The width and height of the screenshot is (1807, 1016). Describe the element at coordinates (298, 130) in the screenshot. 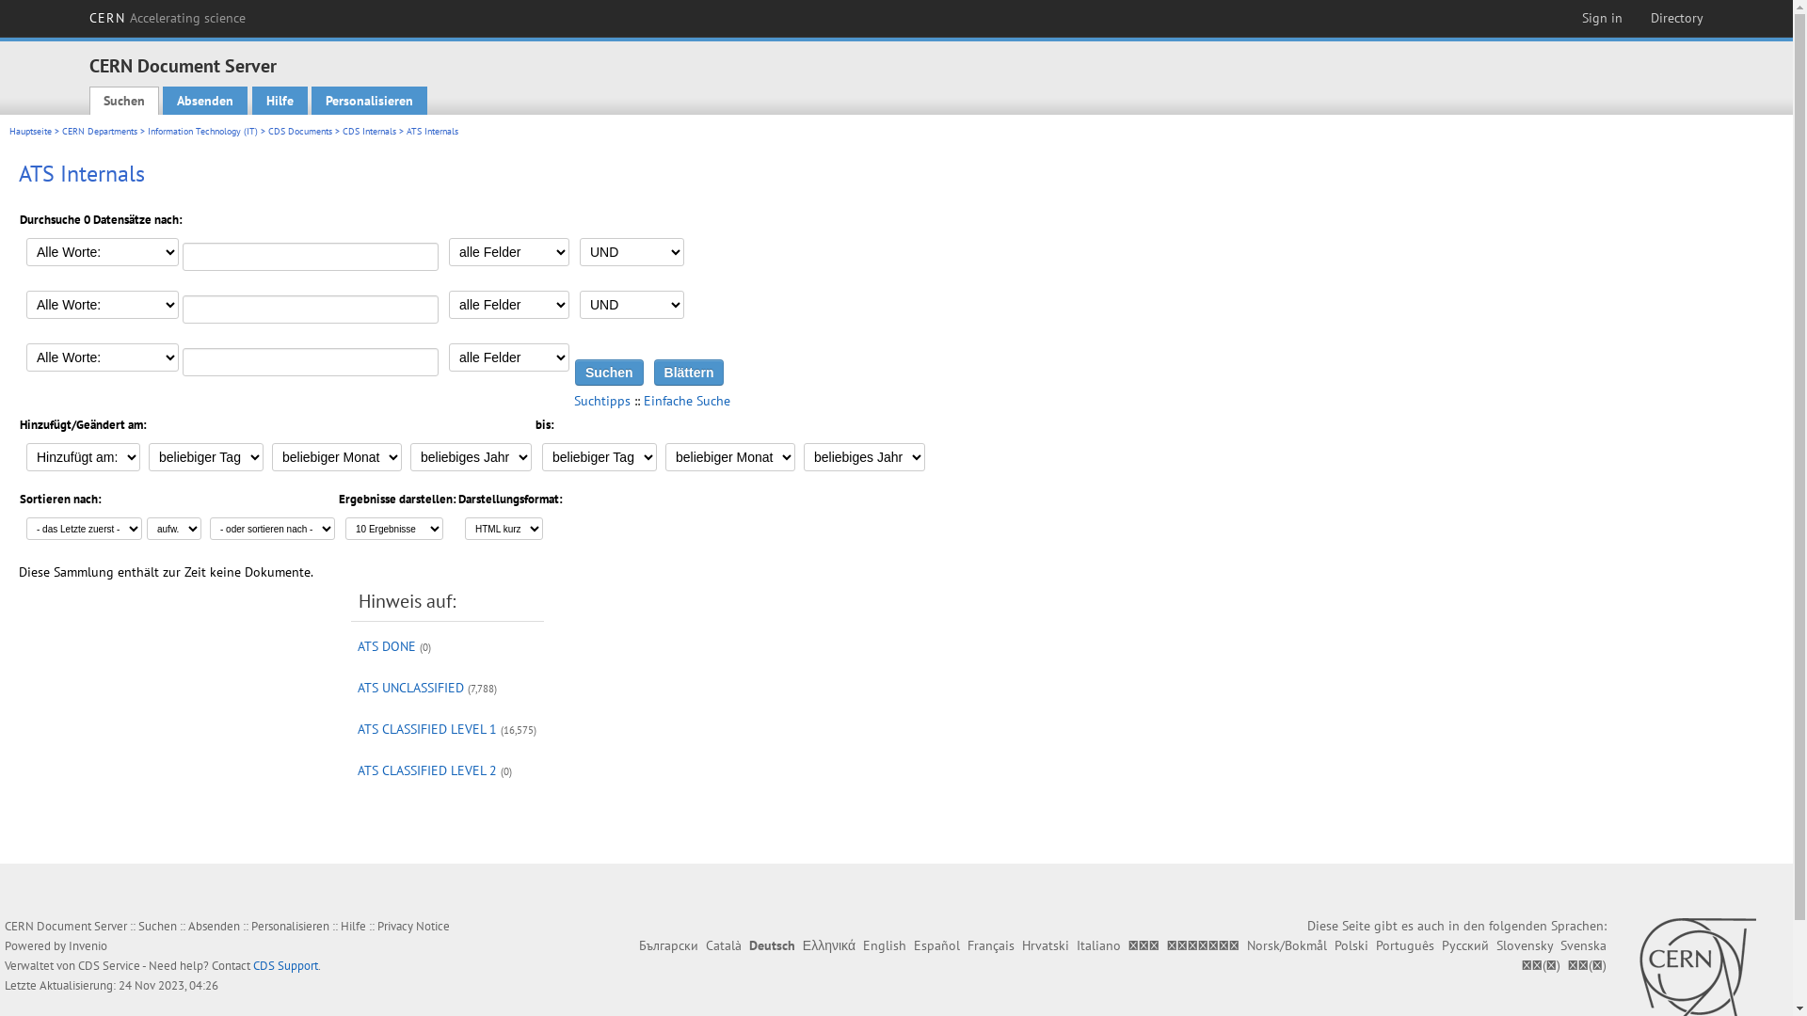

I see `'CDS Documents'` at that location.